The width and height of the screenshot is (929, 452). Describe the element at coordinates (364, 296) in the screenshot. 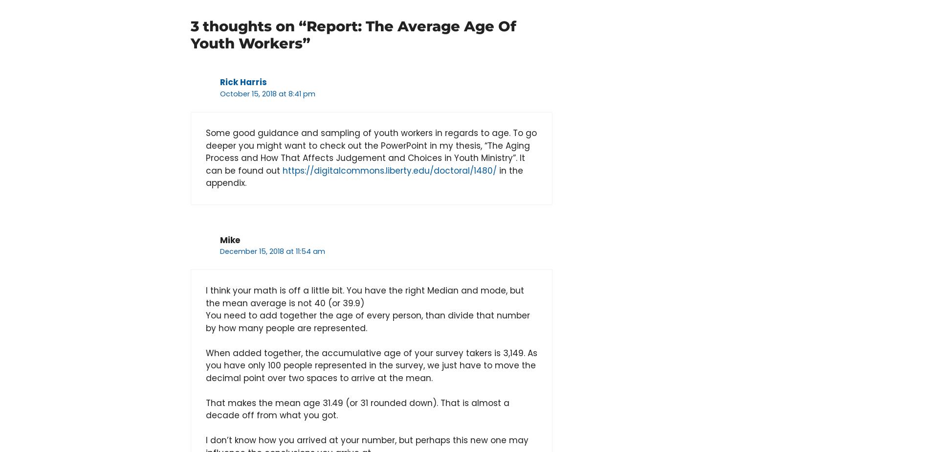

I see `'I think your math is off a little bit. You have the right Median and mode, but the mean average is not 40 (or 39.9)'` at that location.